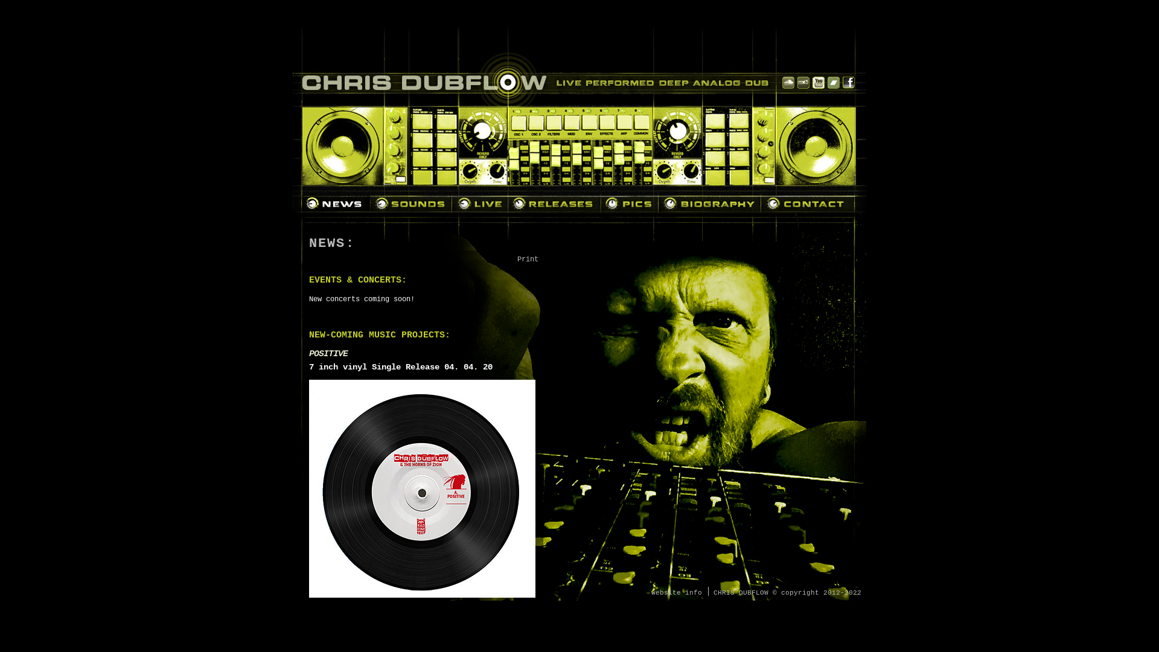 The image size is (1159, 652). What do you see at coordinates (827, 82) in the screenshot?
I see `'BANDCAMP'` at bounding box center [827, 82].